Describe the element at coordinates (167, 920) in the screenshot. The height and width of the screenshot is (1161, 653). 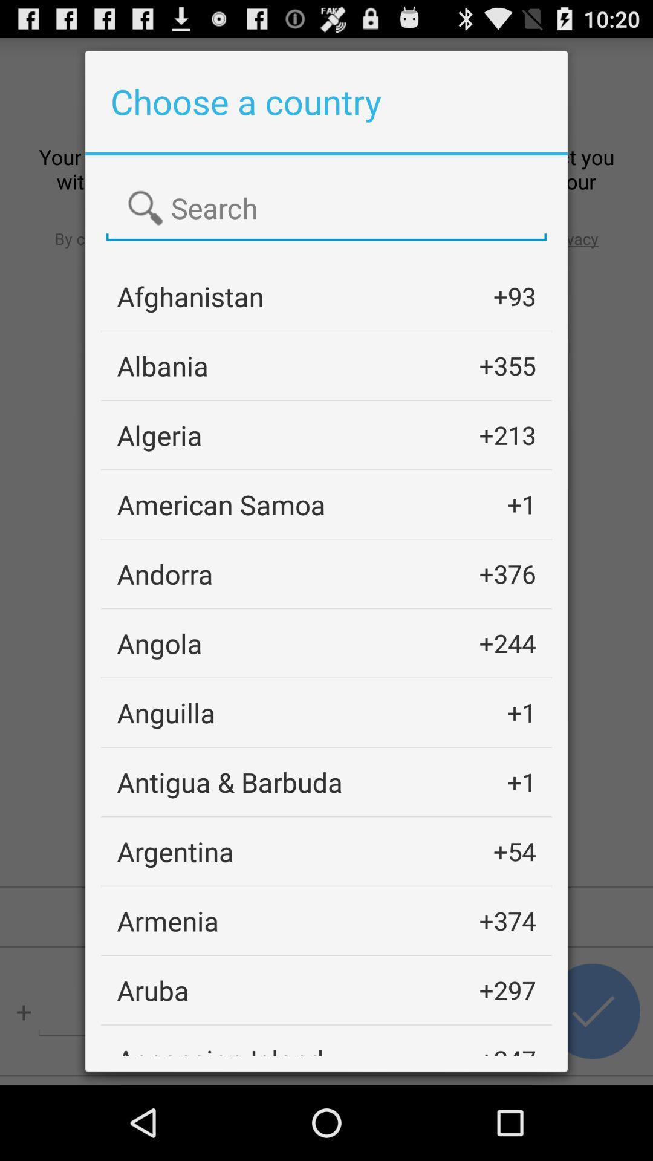
I see `the armenia item` at that location.